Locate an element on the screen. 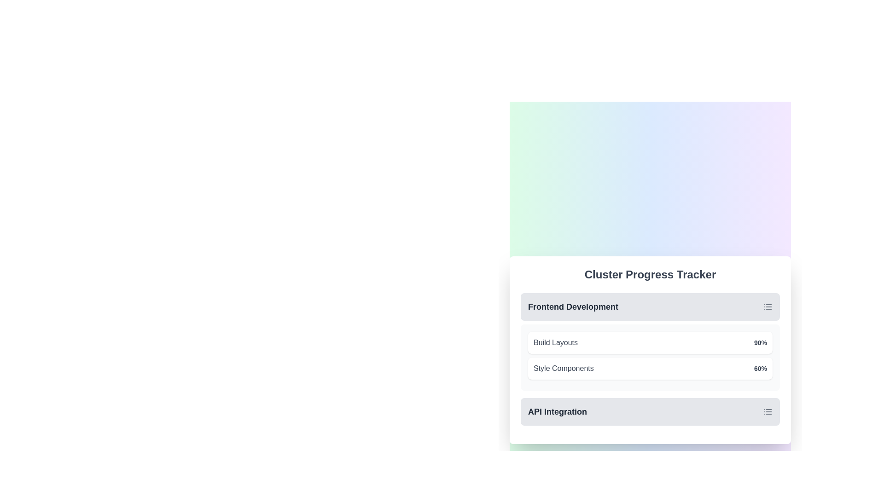 This screenshot has height=497, width=884. displayed percentage from the text label showing '60%' located in the bottom-right corner of the 'Style Components' section, next to the progress bar is located at coordinates (758, 368).